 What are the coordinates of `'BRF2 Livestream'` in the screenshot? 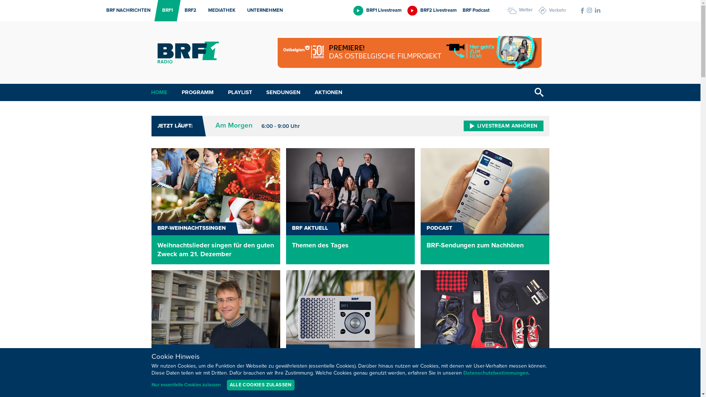 It's located at (432, 11).